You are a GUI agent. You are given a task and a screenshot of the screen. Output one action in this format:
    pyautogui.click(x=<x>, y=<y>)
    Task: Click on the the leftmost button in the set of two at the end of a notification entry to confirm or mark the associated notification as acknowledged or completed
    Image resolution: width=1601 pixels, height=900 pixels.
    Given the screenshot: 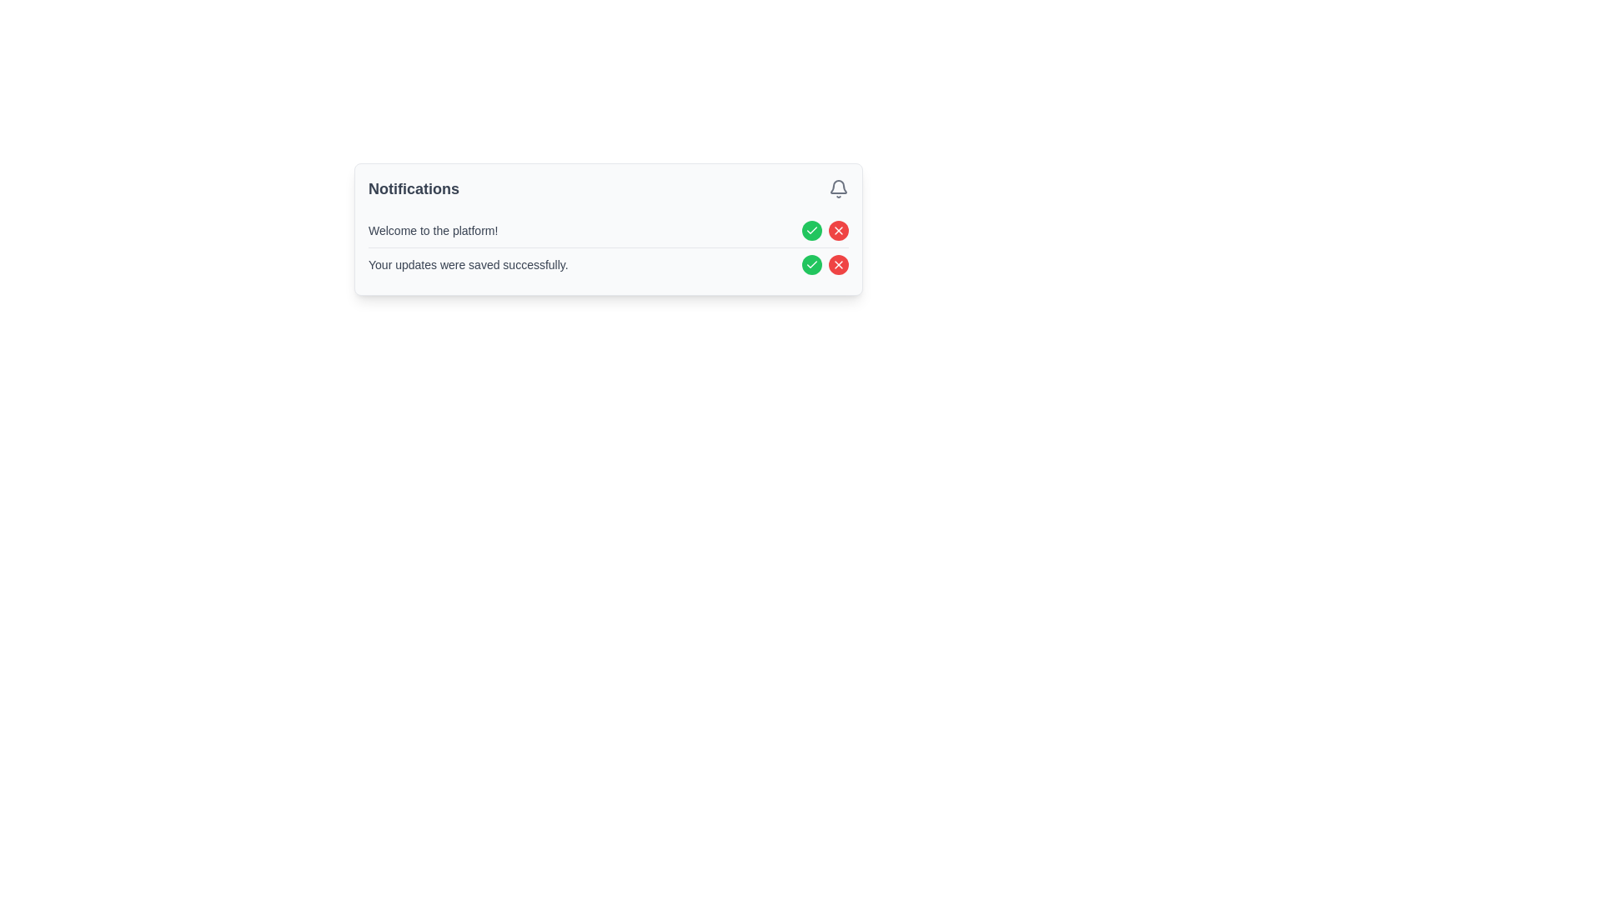 What is the action you would take?
    pyautogui.click(x=812, y=231)
    